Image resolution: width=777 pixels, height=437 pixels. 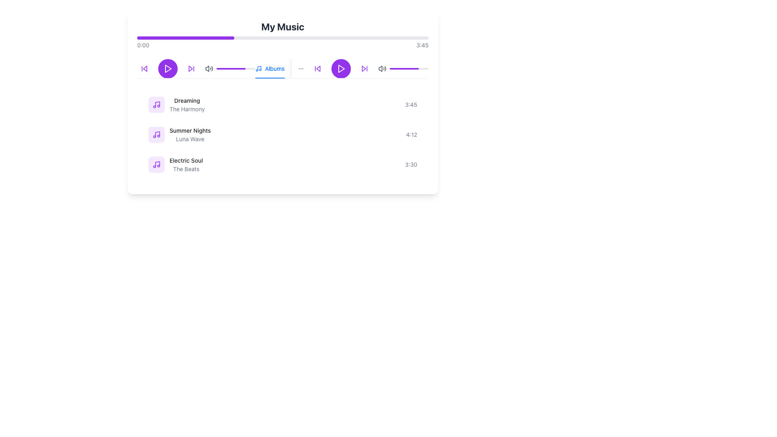 What do you see at coordinates (190, 130) in the screenshot?
I see `text label 'Summer Nights' positioned in the playlist interface, aligned to the left and styled in bold font` at bounding box center [190, 130].